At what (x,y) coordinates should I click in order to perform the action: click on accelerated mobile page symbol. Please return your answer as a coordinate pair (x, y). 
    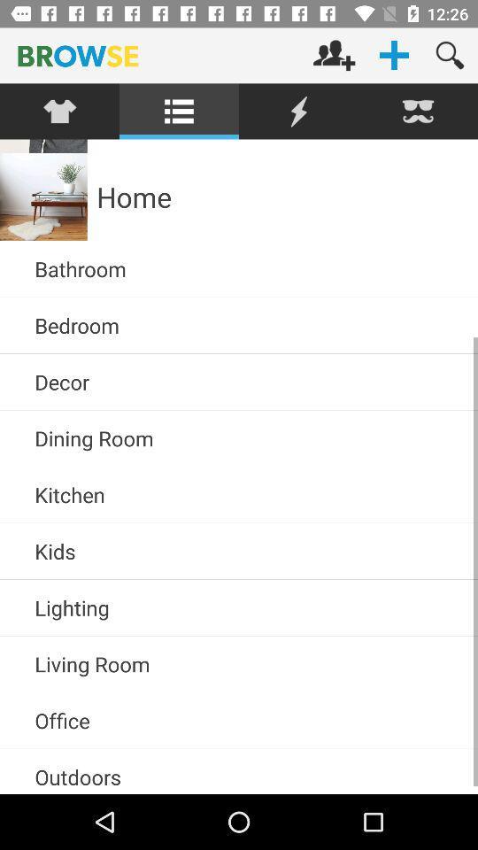
    Looking at the image, I should click on (298, 111).